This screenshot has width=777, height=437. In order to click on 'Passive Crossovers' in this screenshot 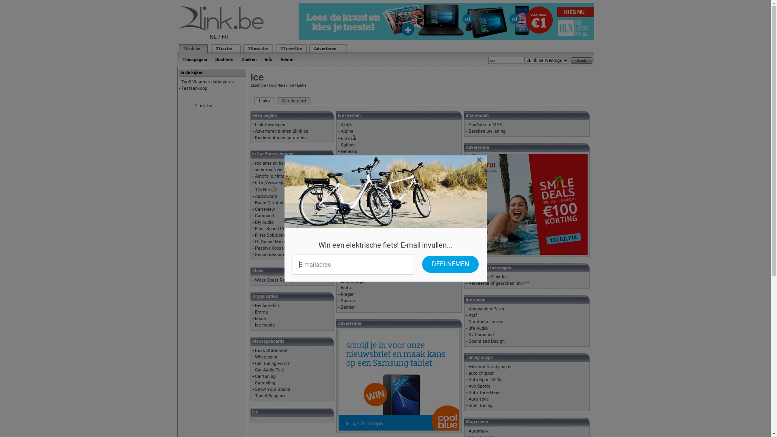, I will do `click(274, 248)`.